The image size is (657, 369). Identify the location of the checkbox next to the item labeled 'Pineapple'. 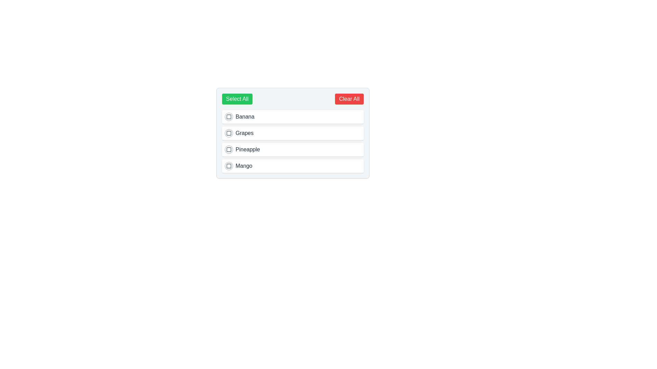
(229, 149).